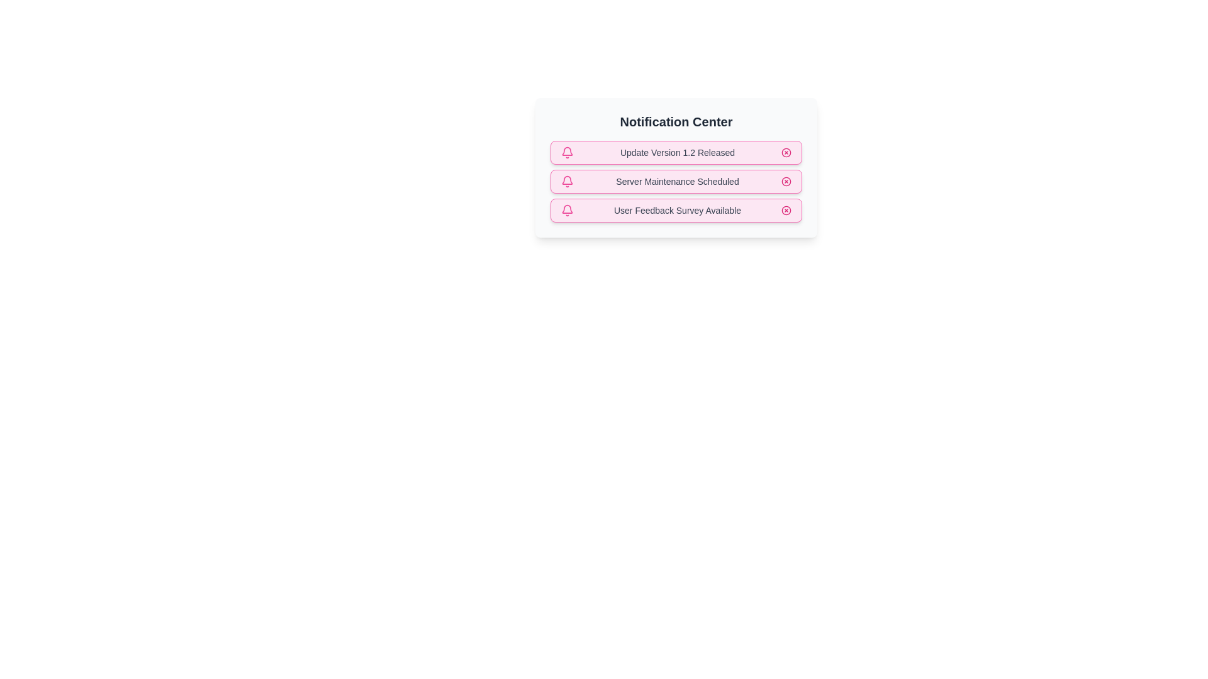 The height and width of the screenshot is (679, 1208). What do you see at coordinates (676, 152) in the screenshot?
I see `the notification text Update Version 1.2 Released to select it for copying` at bounding box center [676, 152].